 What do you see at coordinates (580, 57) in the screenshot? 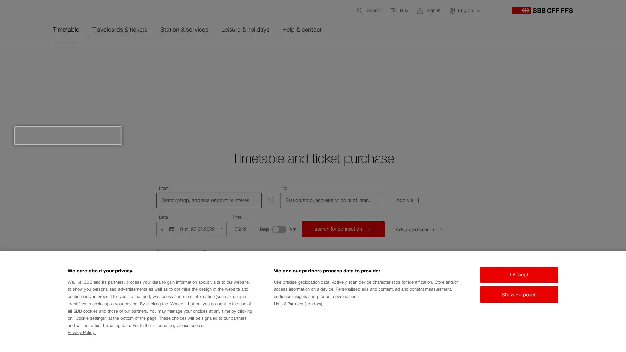
I see `Close active menu item Station & services.` at bounding box center [580, 57].